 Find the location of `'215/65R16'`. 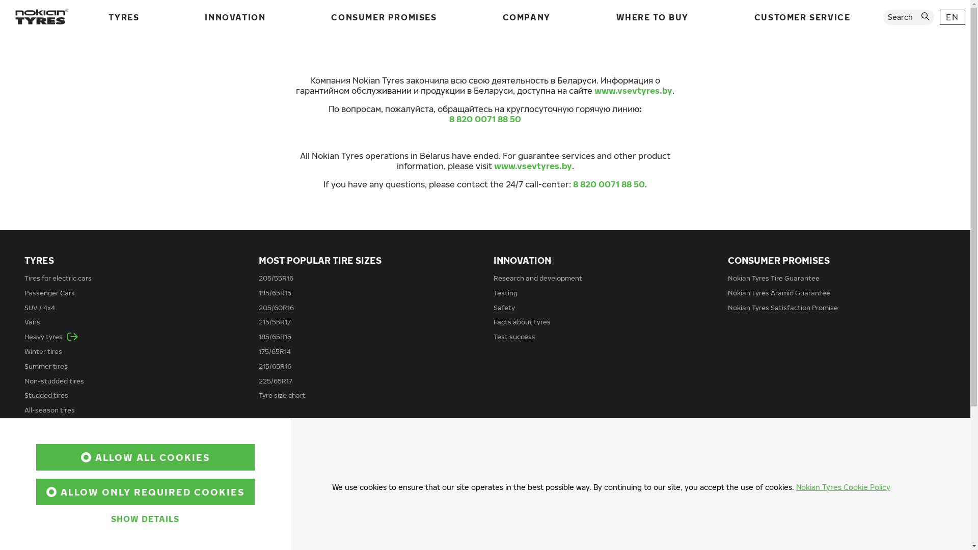

'215/65R16' is located at coordinates (275, 365).